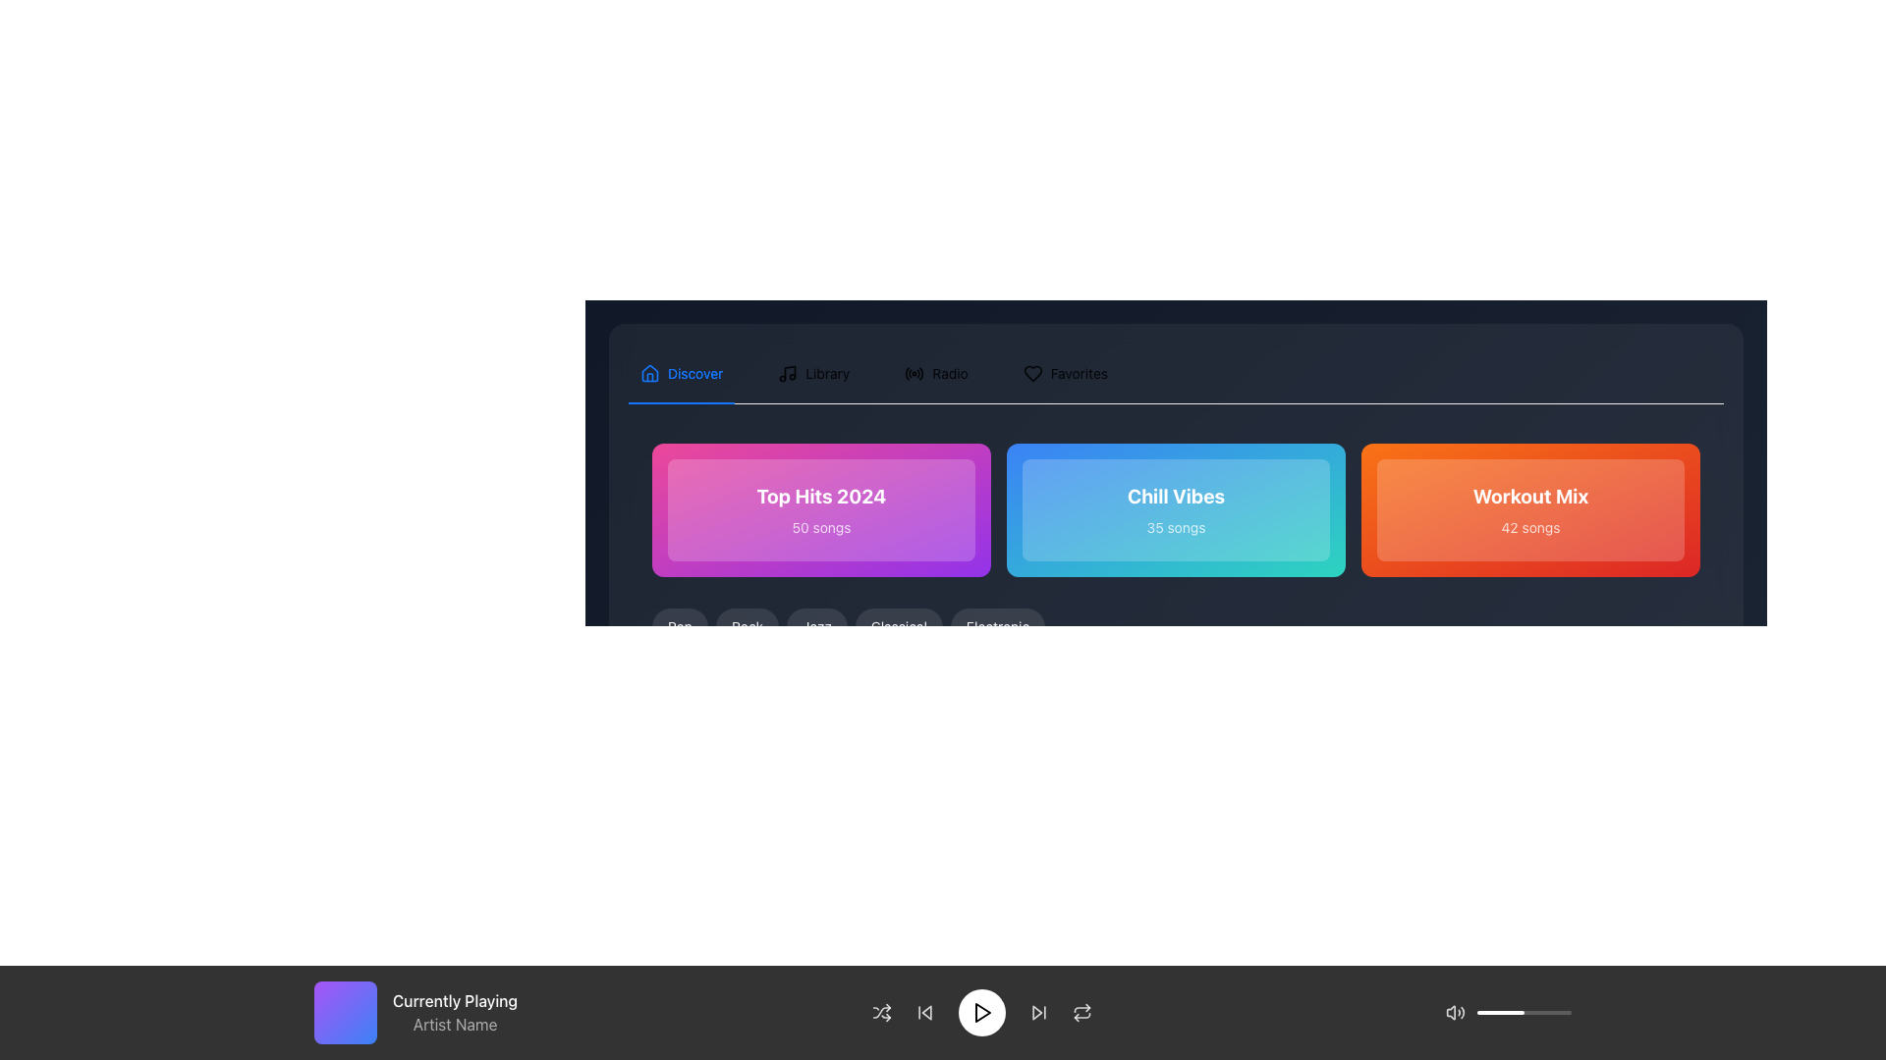 The image size is (1886, 1060). I want to click on the triangular-shaped 'play' icon located in the bottom control bar of the application interface to initiate playback, so click(982, 1013).